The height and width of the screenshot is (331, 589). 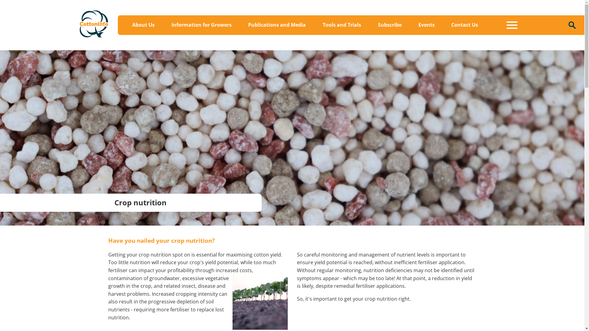 I want to click on 'Events', so click(x=426, y=25).